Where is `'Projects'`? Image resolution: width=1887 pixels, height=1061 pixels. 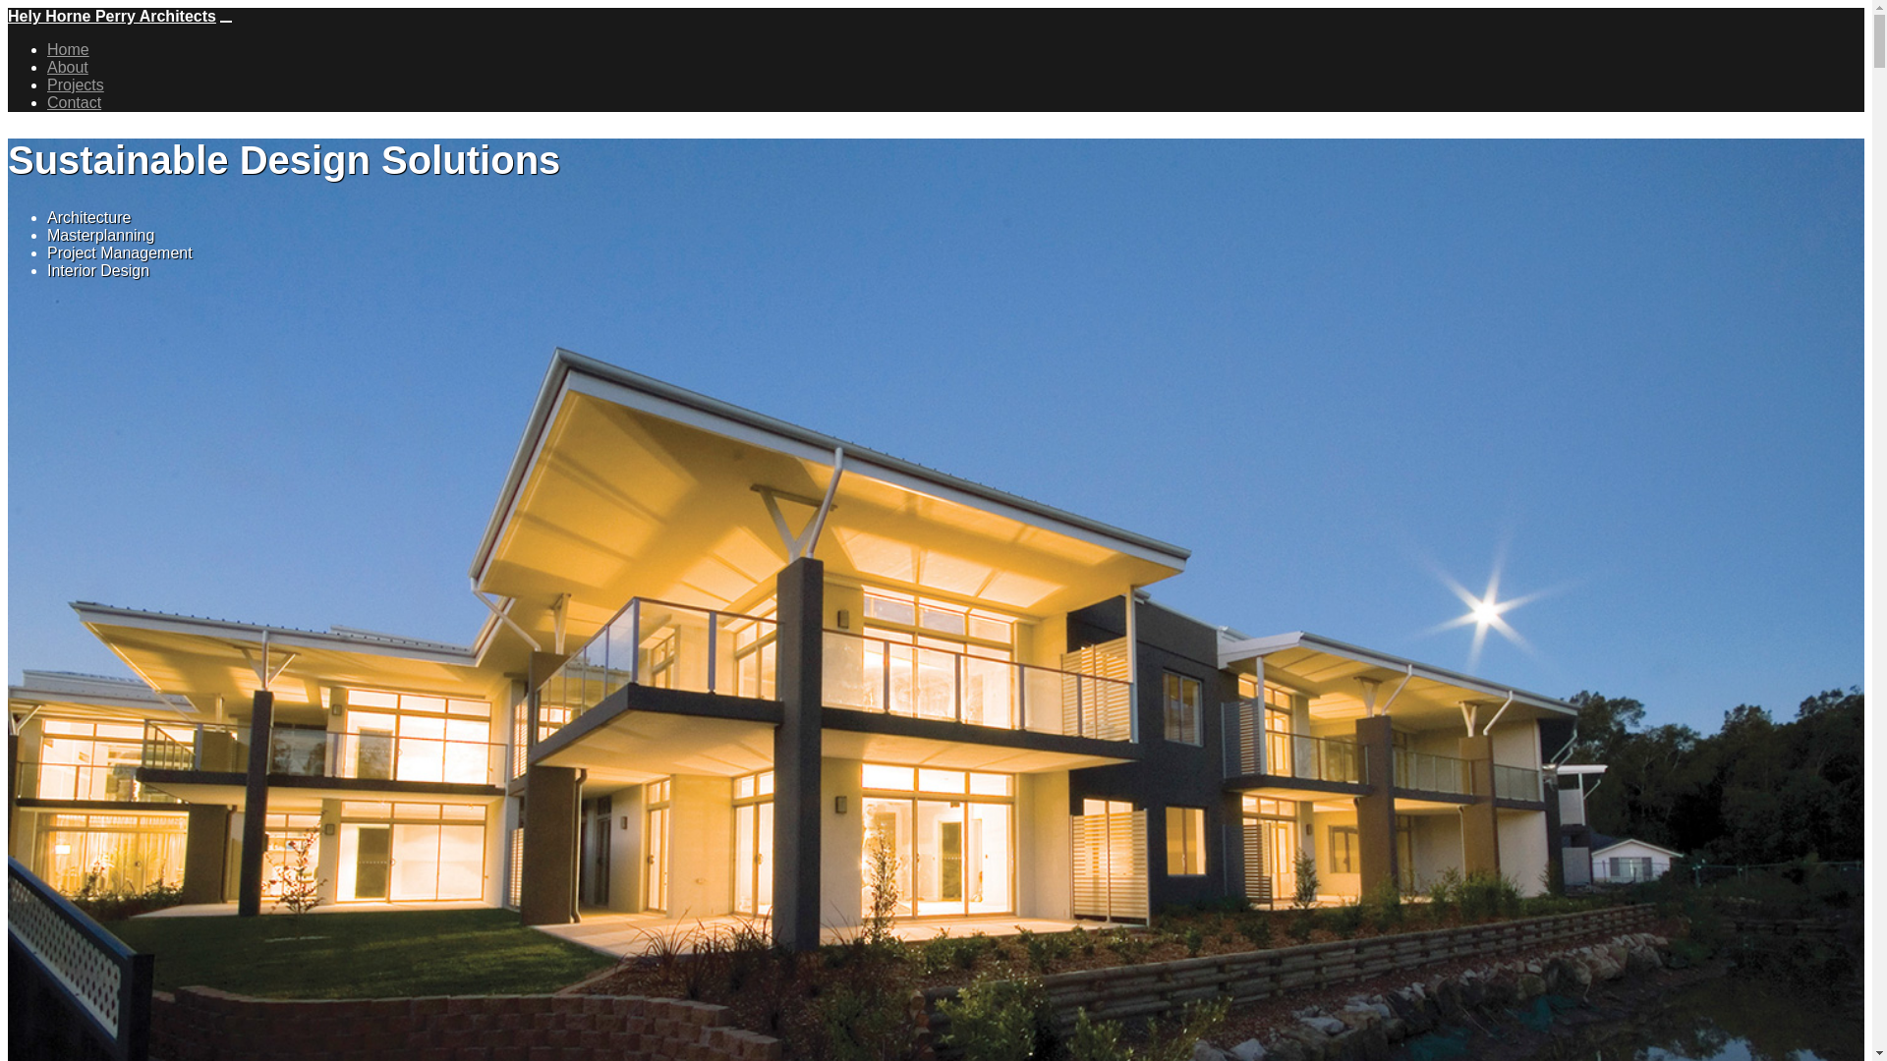
'Projects' is located at coordinates (75, 84).